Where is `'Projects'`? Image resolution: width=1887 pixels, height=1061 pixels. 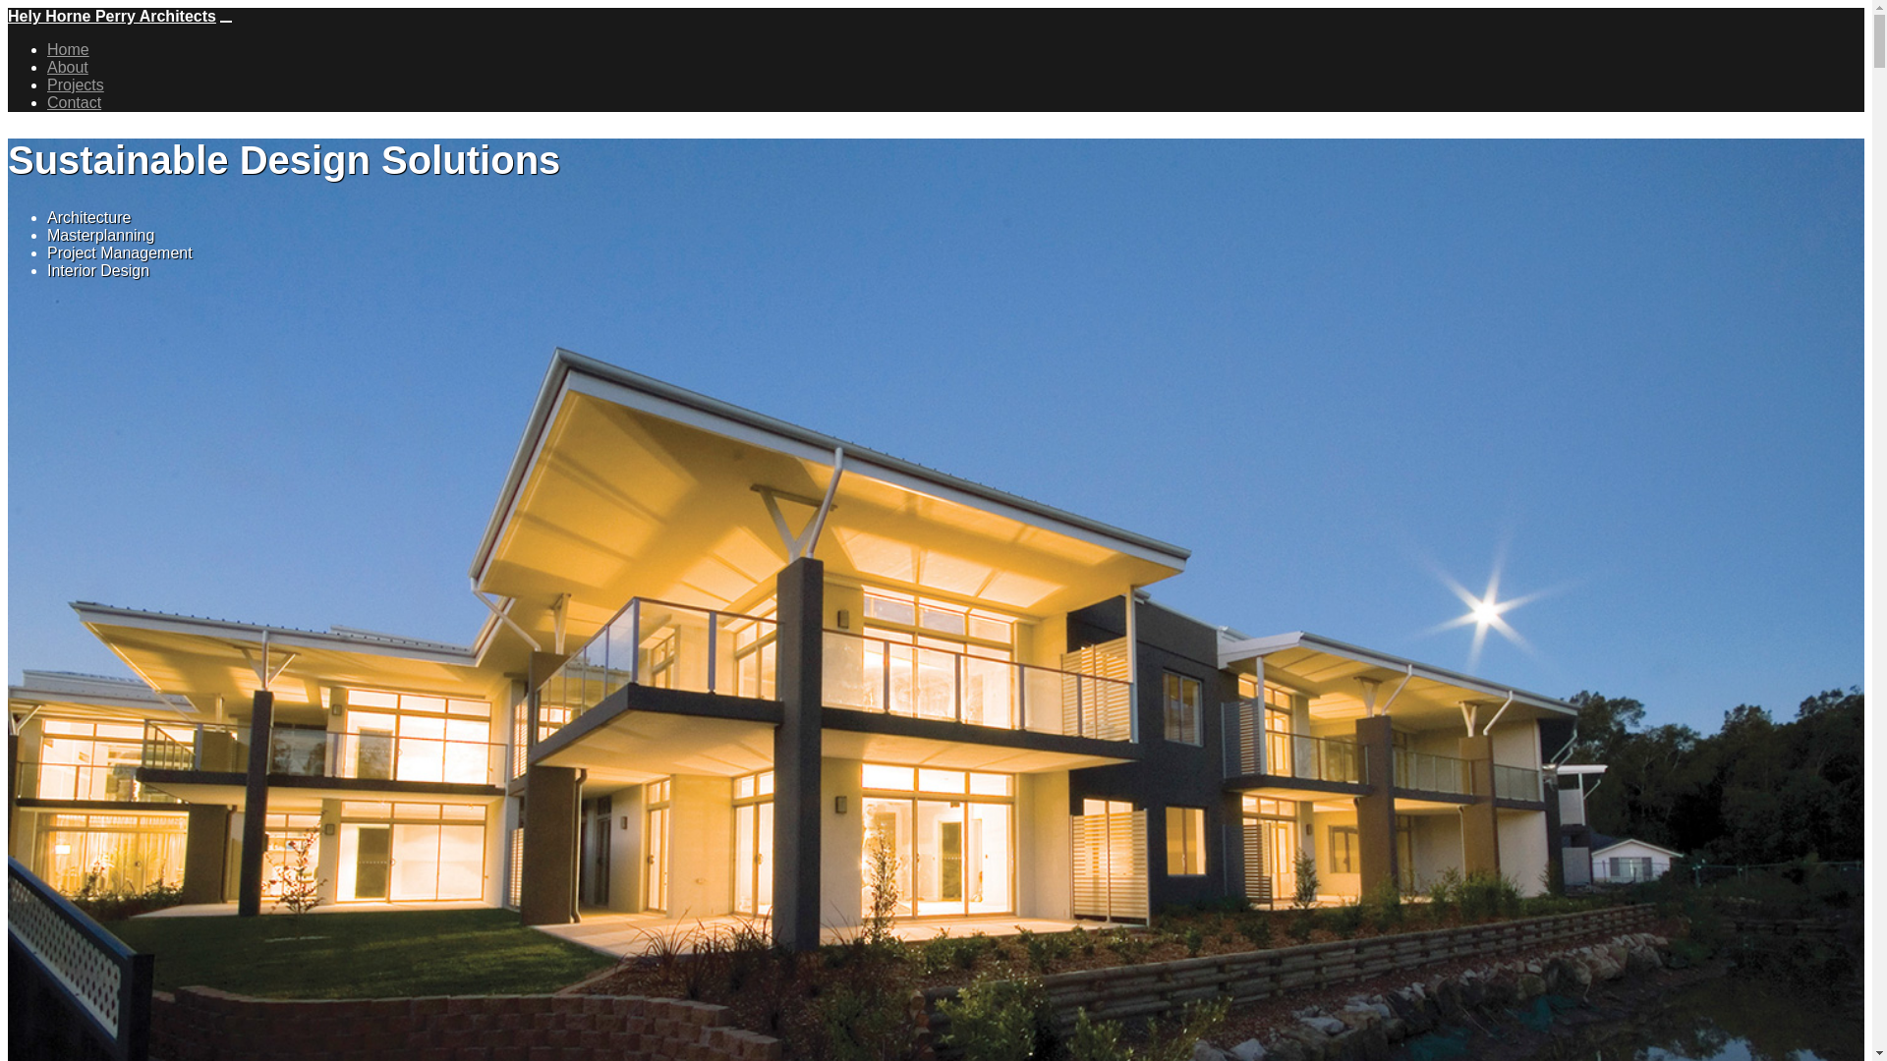
'Projects' is located at coordinates (75, 84).